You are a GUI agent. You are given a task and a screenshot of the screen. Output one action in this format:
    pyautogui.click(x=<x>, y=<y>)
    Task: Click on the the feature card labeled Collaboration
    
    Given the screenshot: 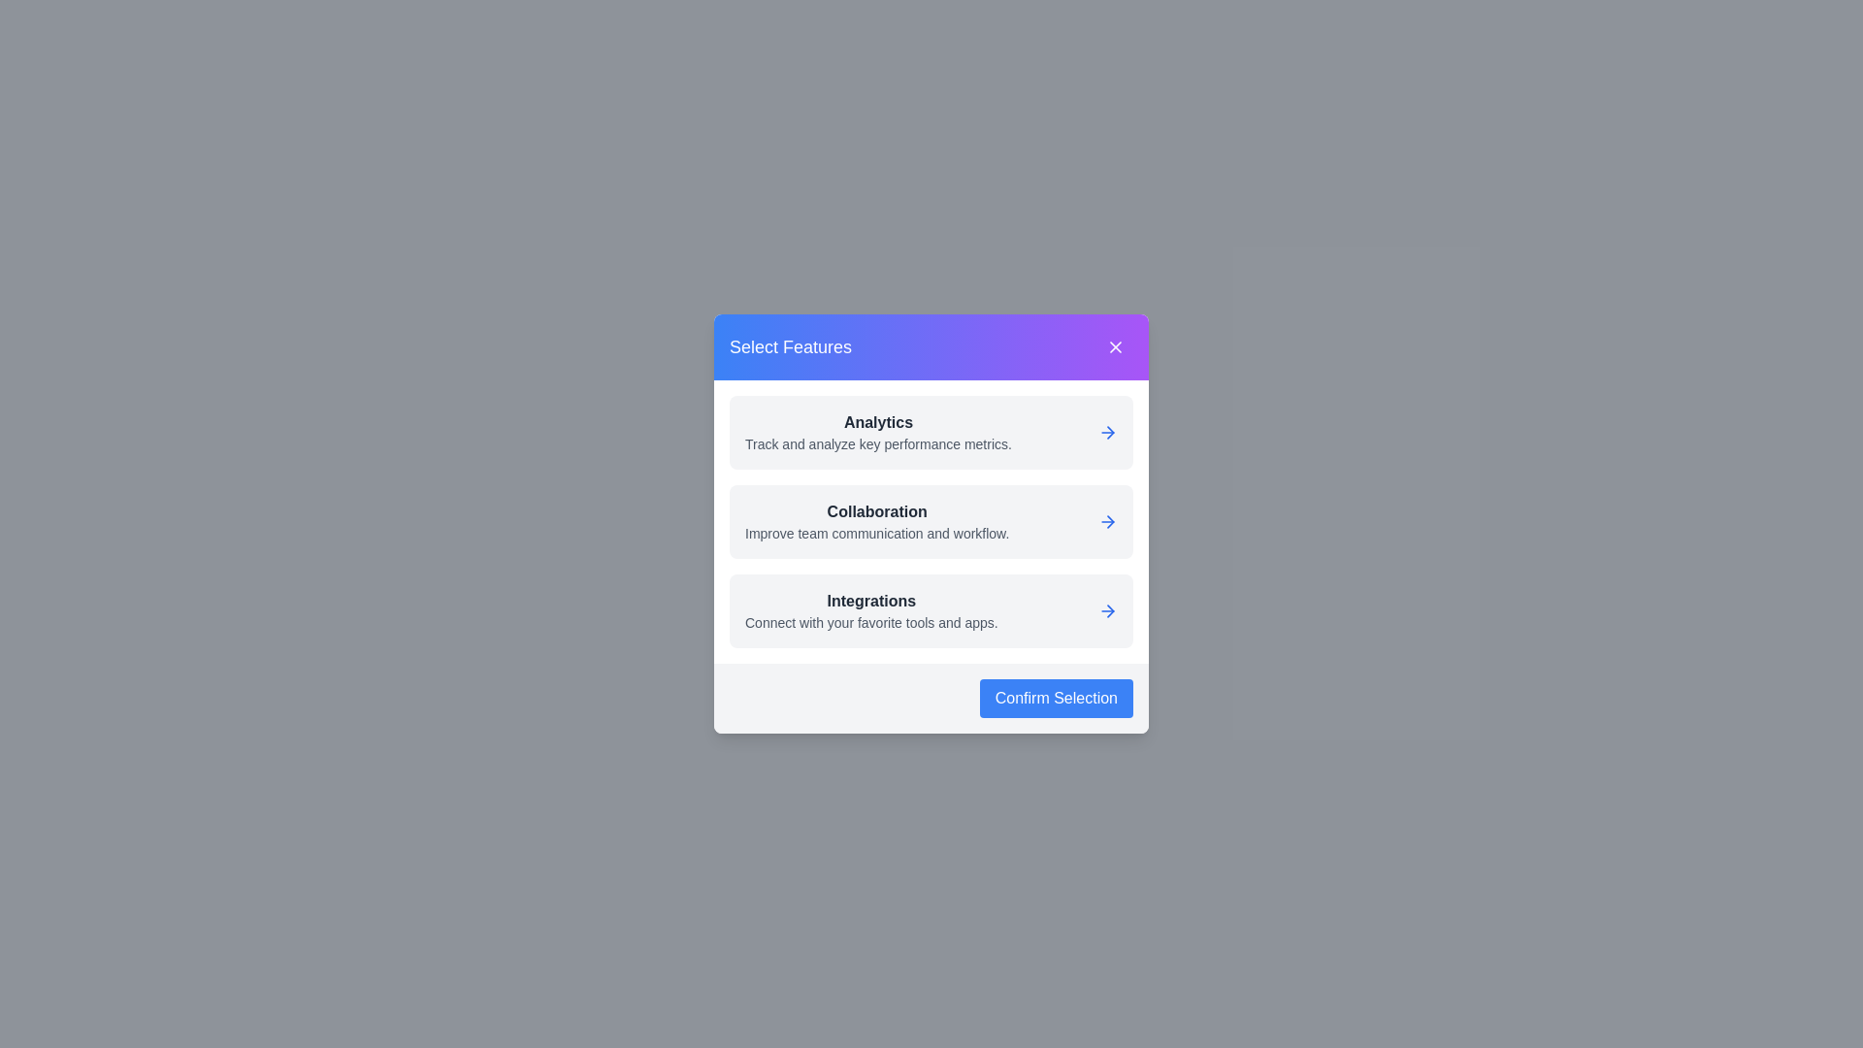 What is the action you would take?
    pyautogui.click(x=931, y=520)
    